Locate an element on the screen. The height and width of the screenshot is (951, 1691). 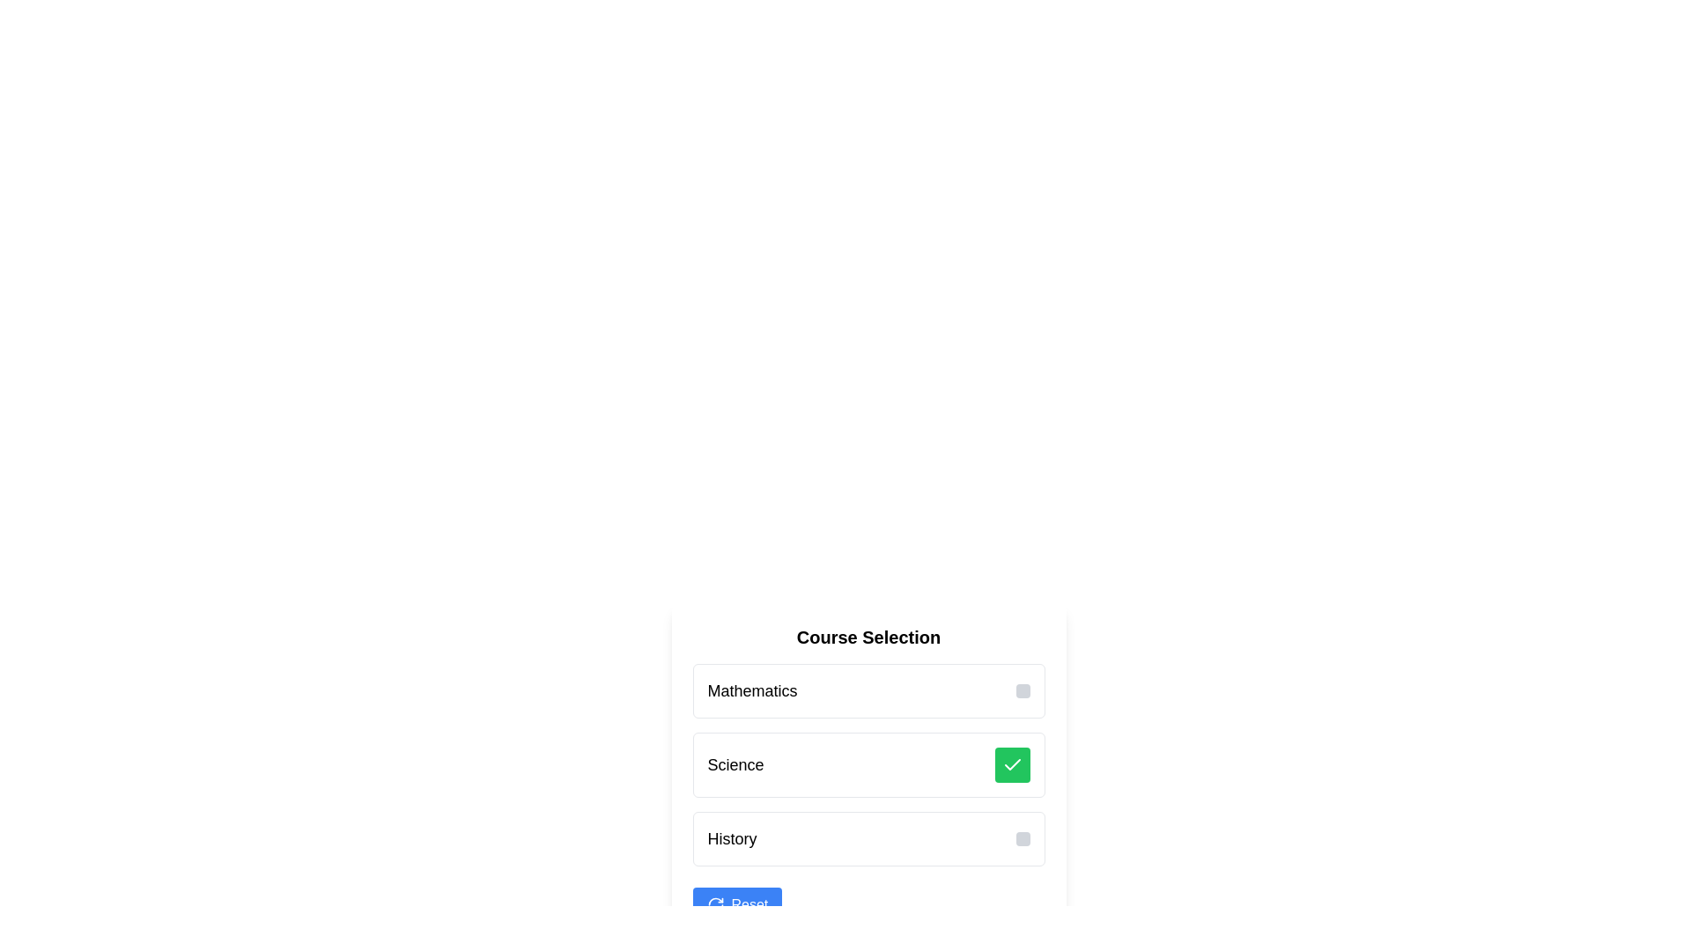
the green checkmark on the second selectable course category item in the vertical list under 'Course Selection' to confirm selection is located at coordinates (868, 763).